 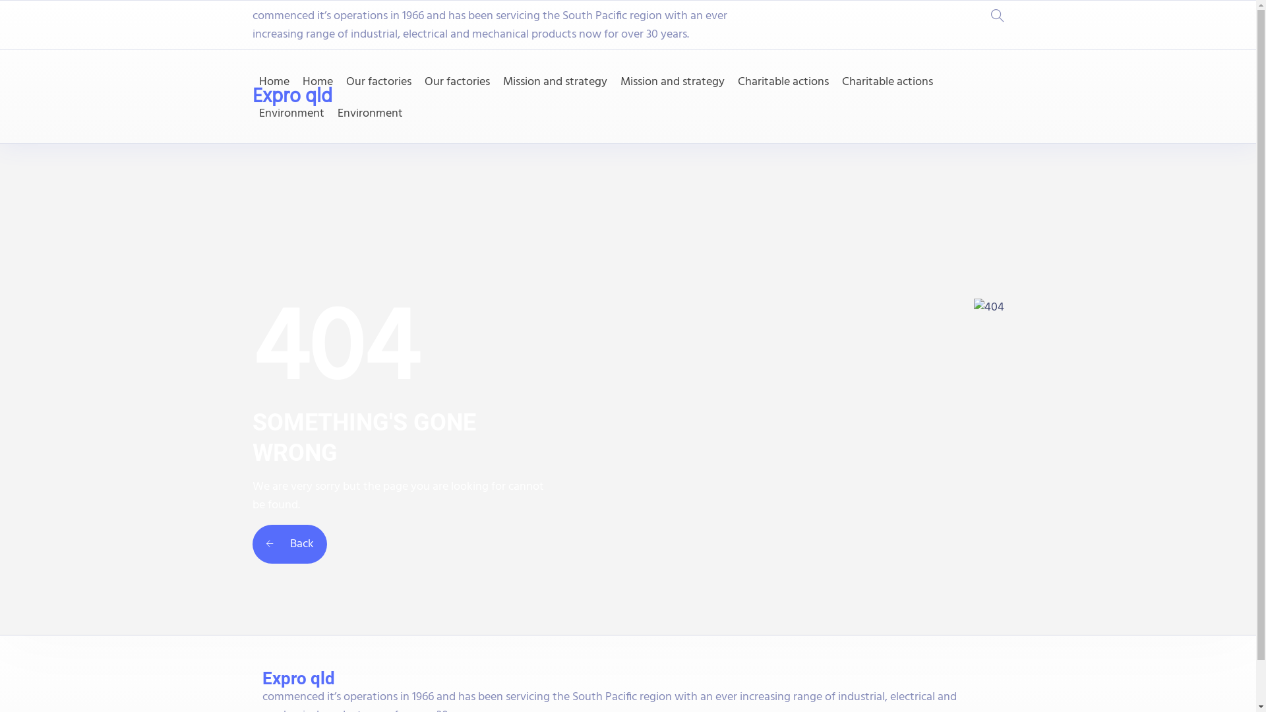 What do you see at coordinates (316, 82) in the screenshot?
I see `'Home'` at bounding box center [316, 82].